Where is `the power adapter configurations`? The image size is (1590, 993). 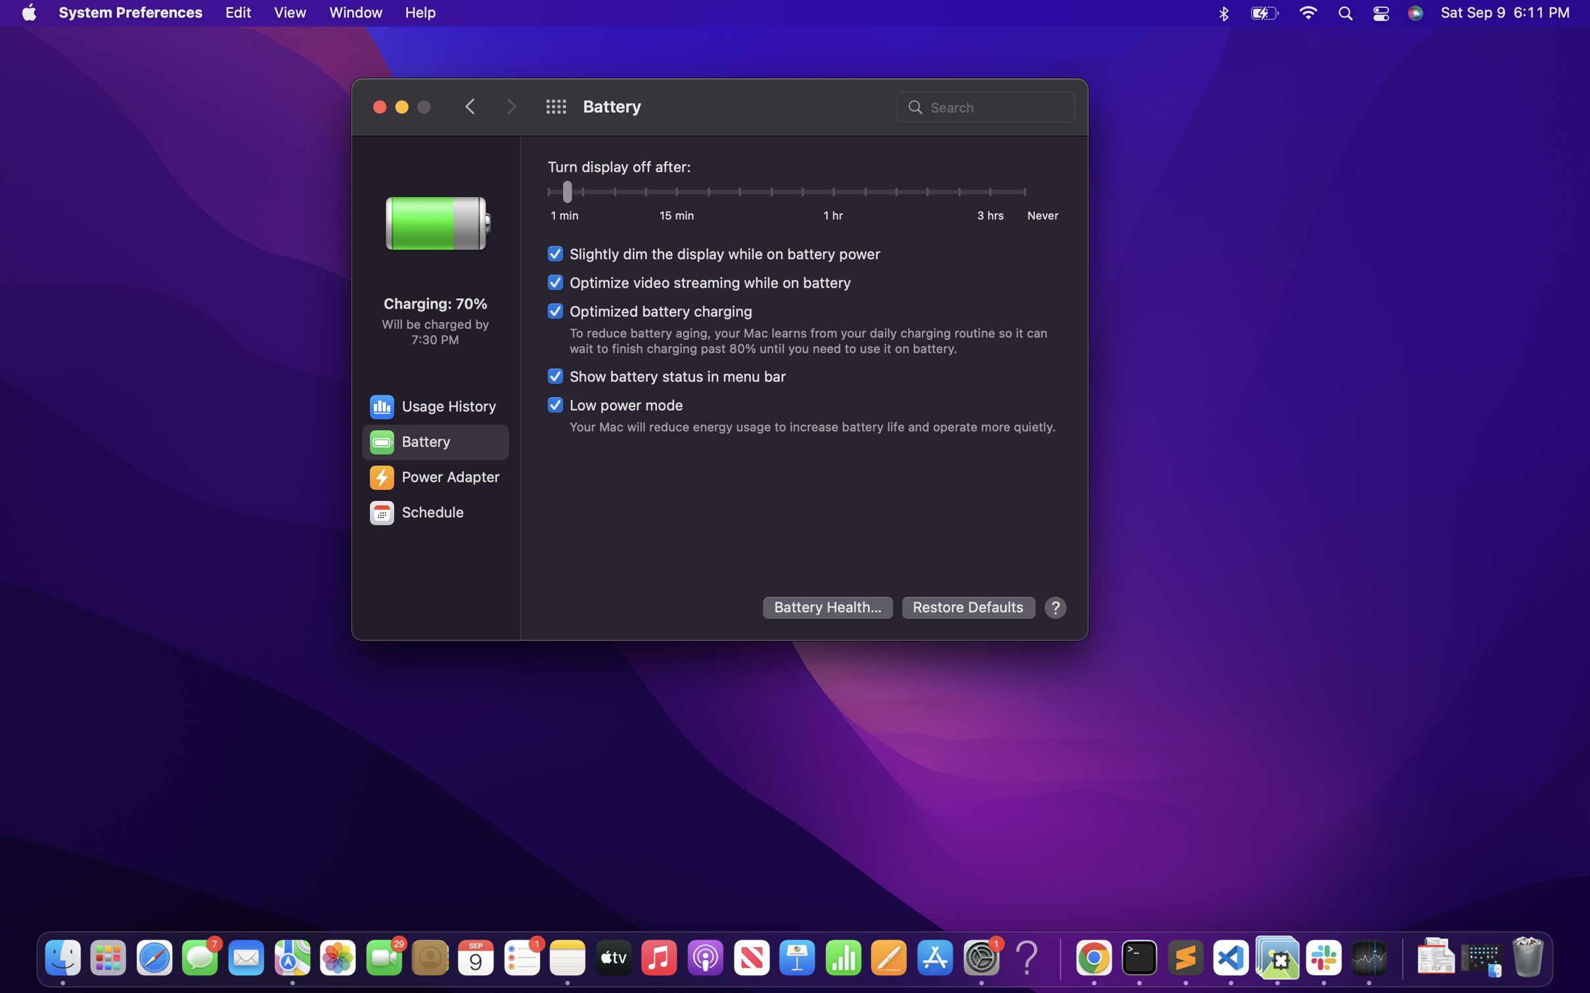
the power adapter configurations is located at coordinates (434, 477).